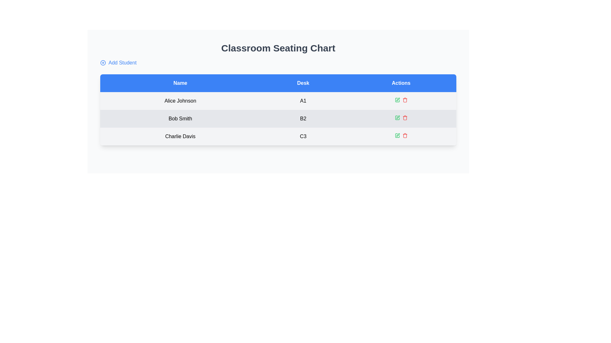 The width and height of the screenshot is (611, 343). Describe the element at coordinates (401, 83) in the screenshot. I see `the rightmost header of the table that indicates actions related to the rows, located immediately to the right of the 'Desk' header` at that location.